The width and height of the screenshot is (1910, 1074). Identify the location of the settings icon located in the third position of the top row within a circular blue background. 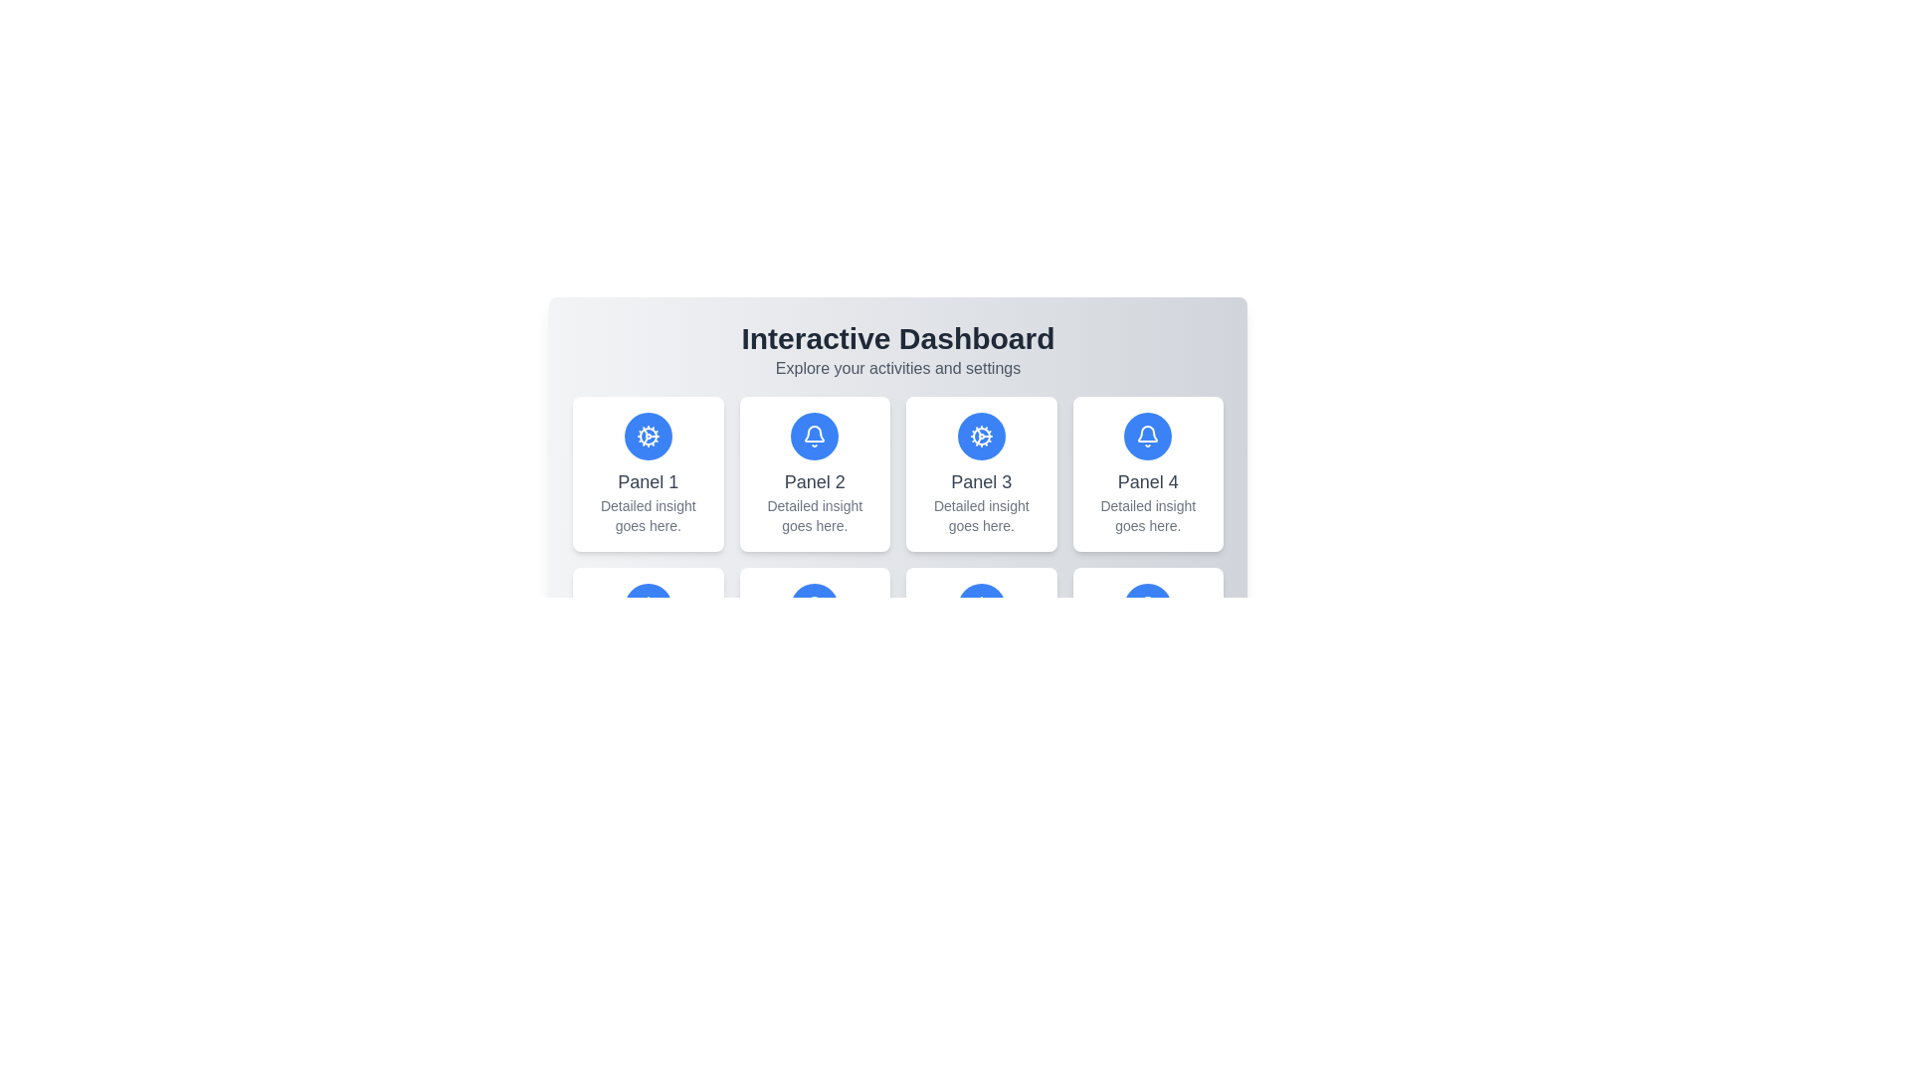
(648, 436).